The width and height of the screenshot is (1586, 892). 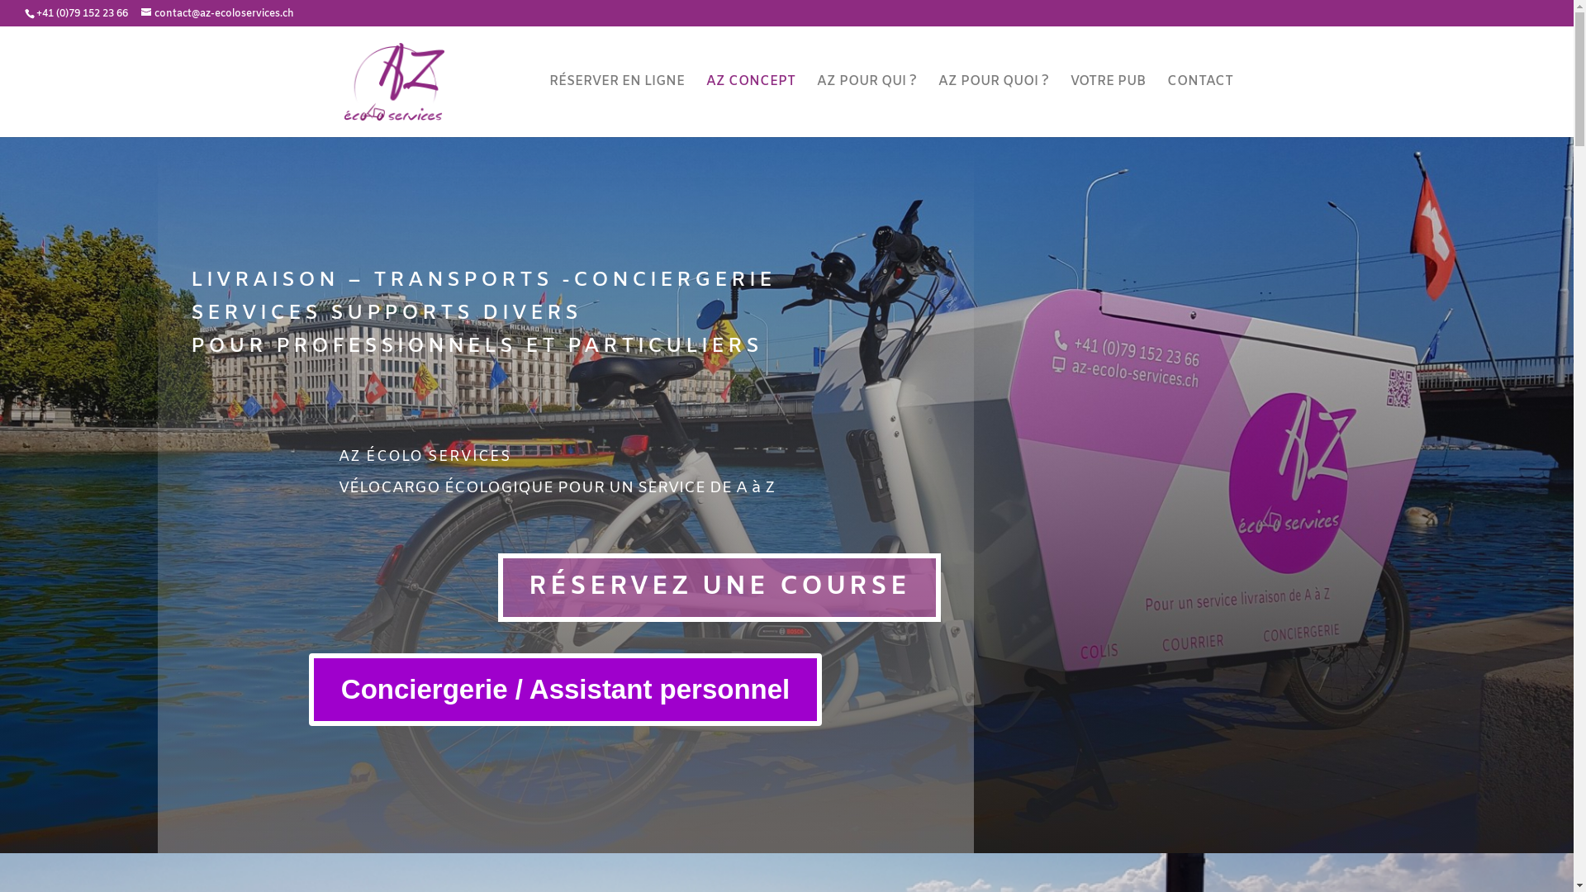 I want to click on 'AZ POUR QUI ?', so click(x=865, y=106).